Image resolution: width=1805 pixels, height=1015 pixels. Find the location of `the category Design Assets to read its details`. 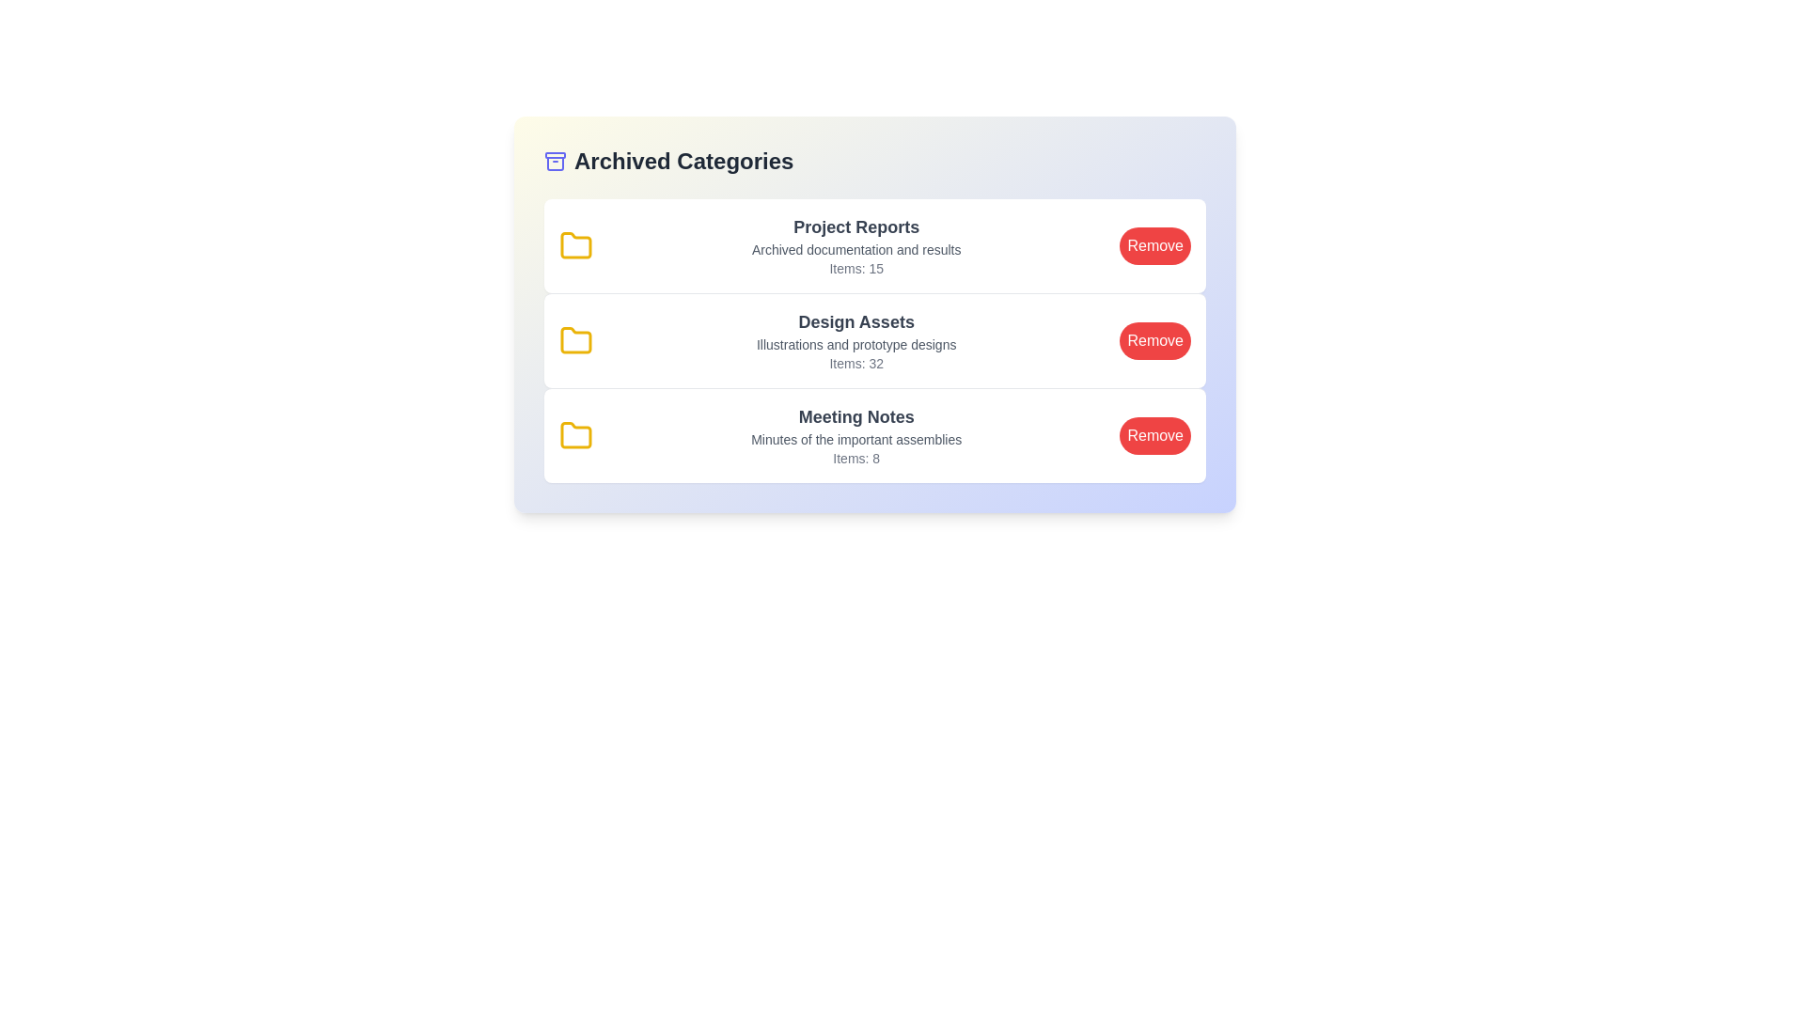

the category Design Assets to read its details is located at coordinates (874, 340).